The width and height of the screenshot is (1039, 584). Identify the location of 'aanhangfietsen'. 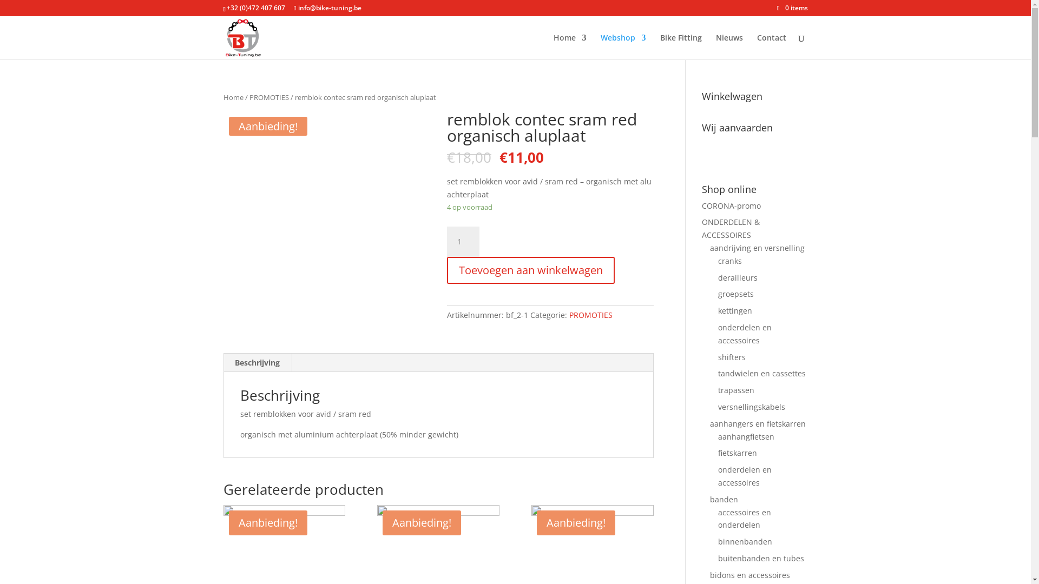
(745, 436).